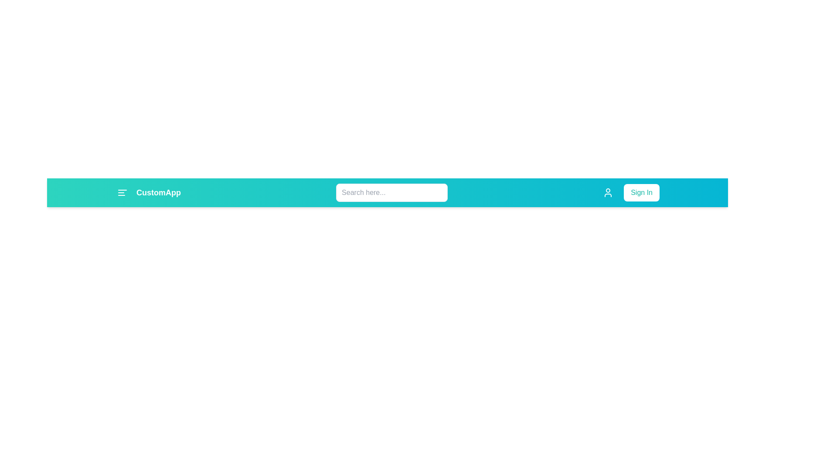 This screenshot has height=471, width=837. I want to click on the 'Sign In' button, so click(642, 192).